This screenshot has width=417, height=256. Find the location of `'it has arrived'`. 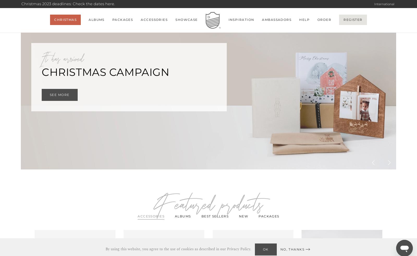

'it has arrived' is located at coordinates (63, 59).